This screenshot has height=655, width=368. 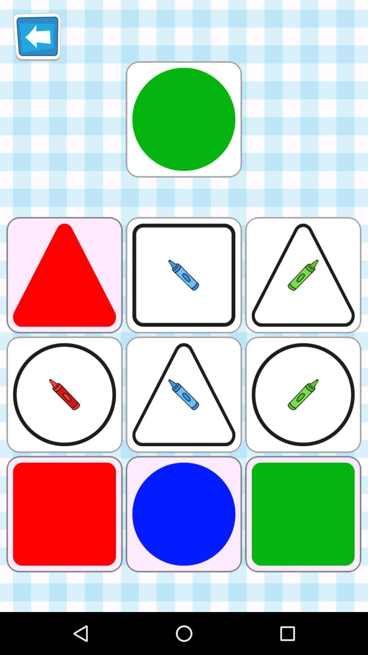 I want to click on it, so click(x=183, y=119).